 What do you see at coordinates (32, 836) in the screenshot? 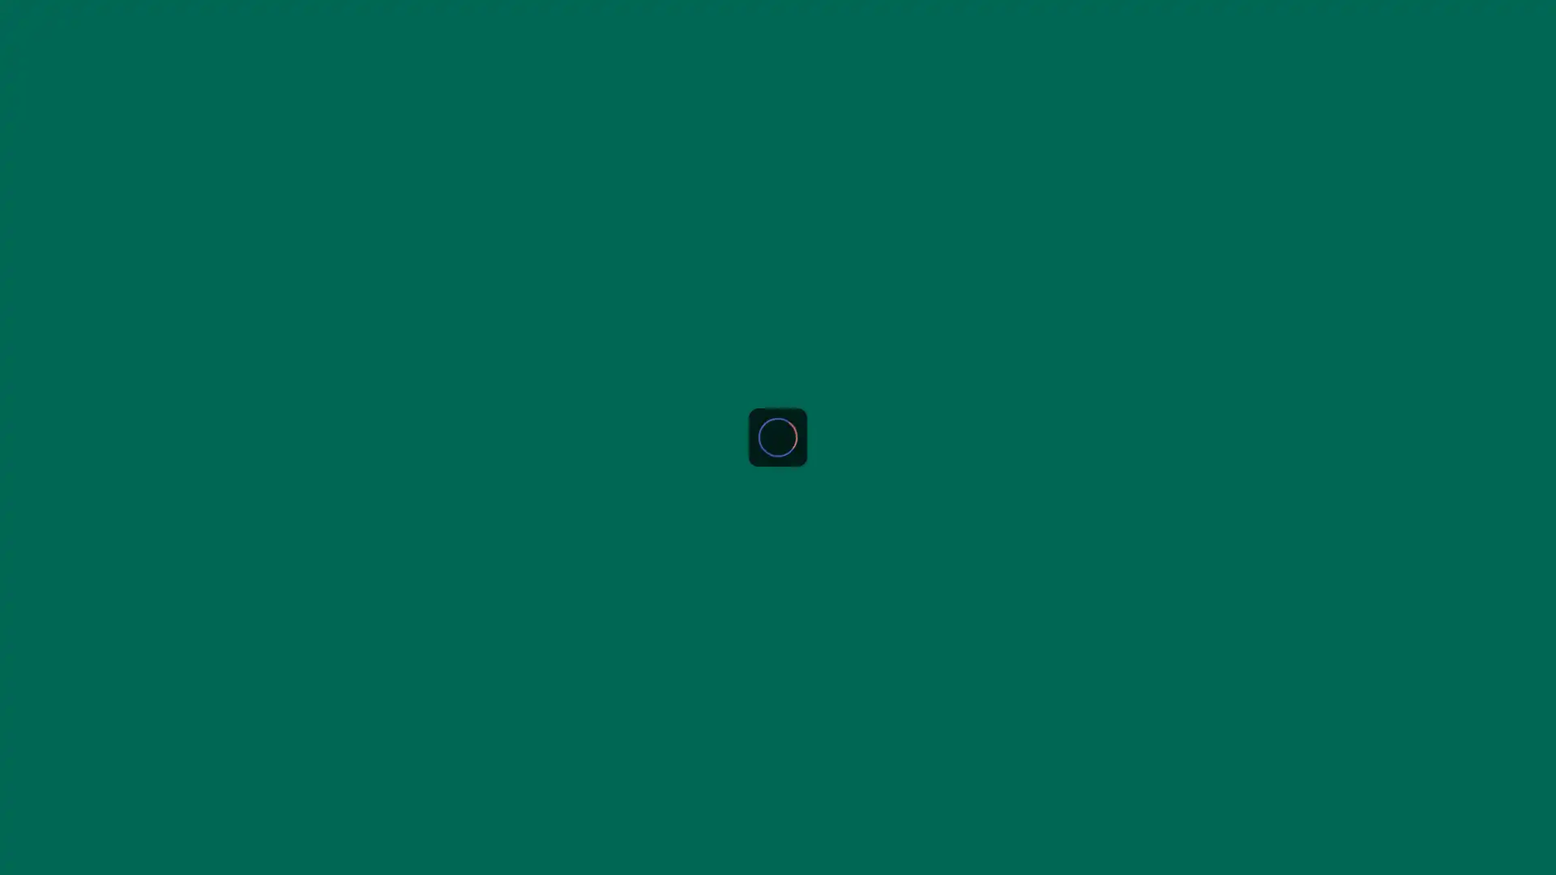
I see `Help` at bounding box center [32, 836].